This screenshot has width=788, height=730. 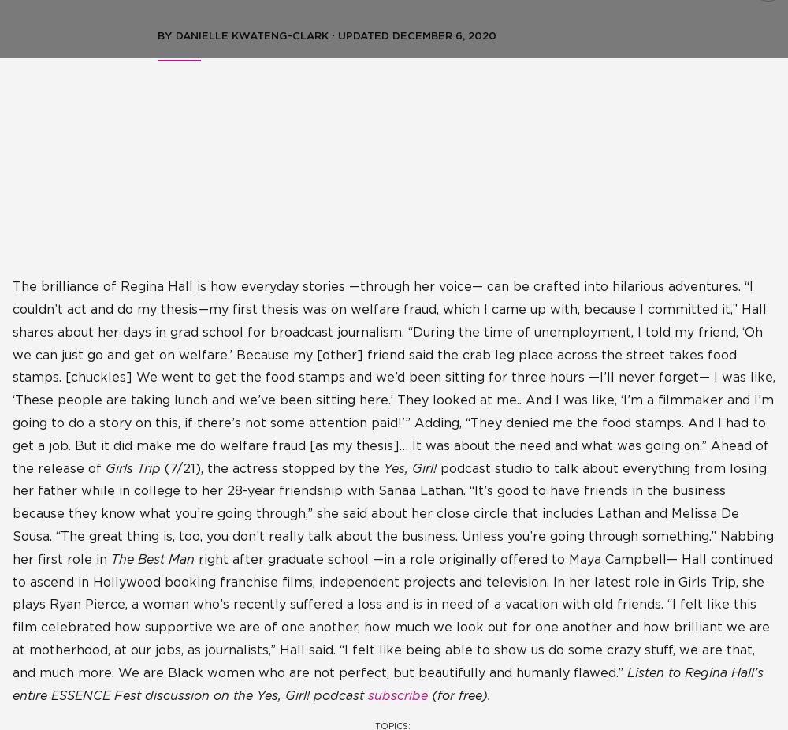 I want to click on 'Girls Trip', so click(x=133, y=467).